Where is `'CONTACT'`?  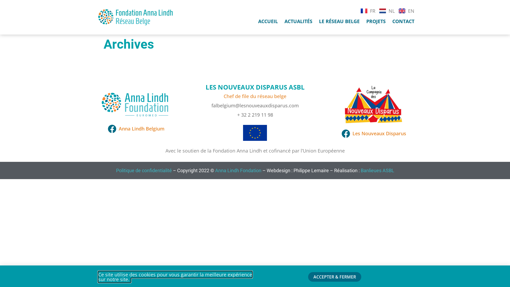 'CONTACT' is located at coordinates (403, 21).